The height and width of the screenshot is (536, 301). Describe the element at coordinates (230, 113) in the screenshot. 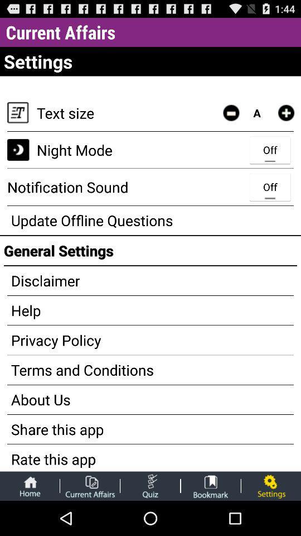

I see `app next to text size app` at that location.